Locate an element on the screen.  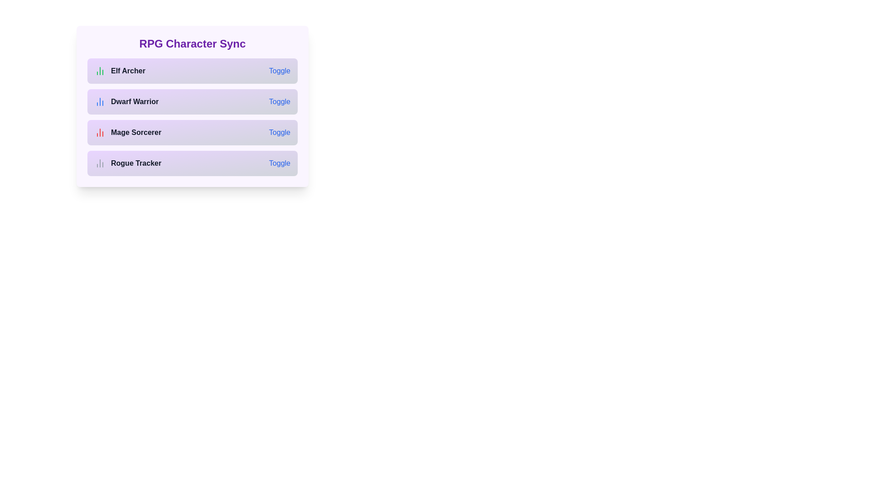
the 'Toggle' button, which is styled in blue and positioned to the right of the 'Mage Sorcerer' label is located at coordinates (279, 133).